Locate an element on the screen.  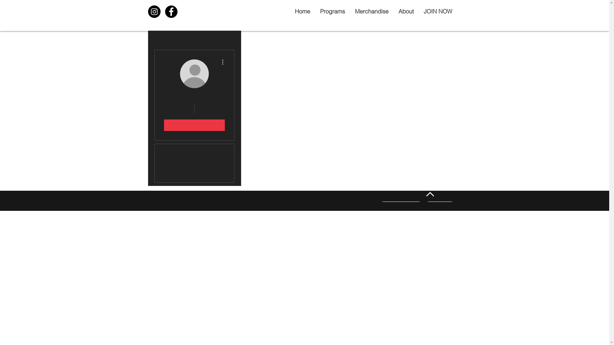
'Forum Posts' is located at coordinates (194, 163).